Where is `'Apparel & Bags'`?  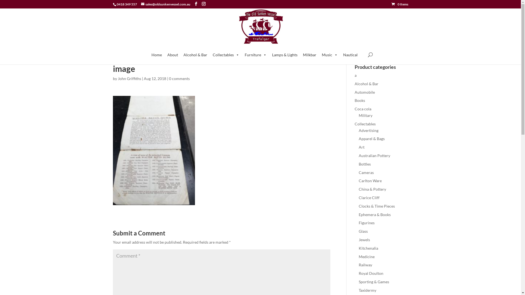
'Apparel & Bags' is located at coordinates (372, 138).